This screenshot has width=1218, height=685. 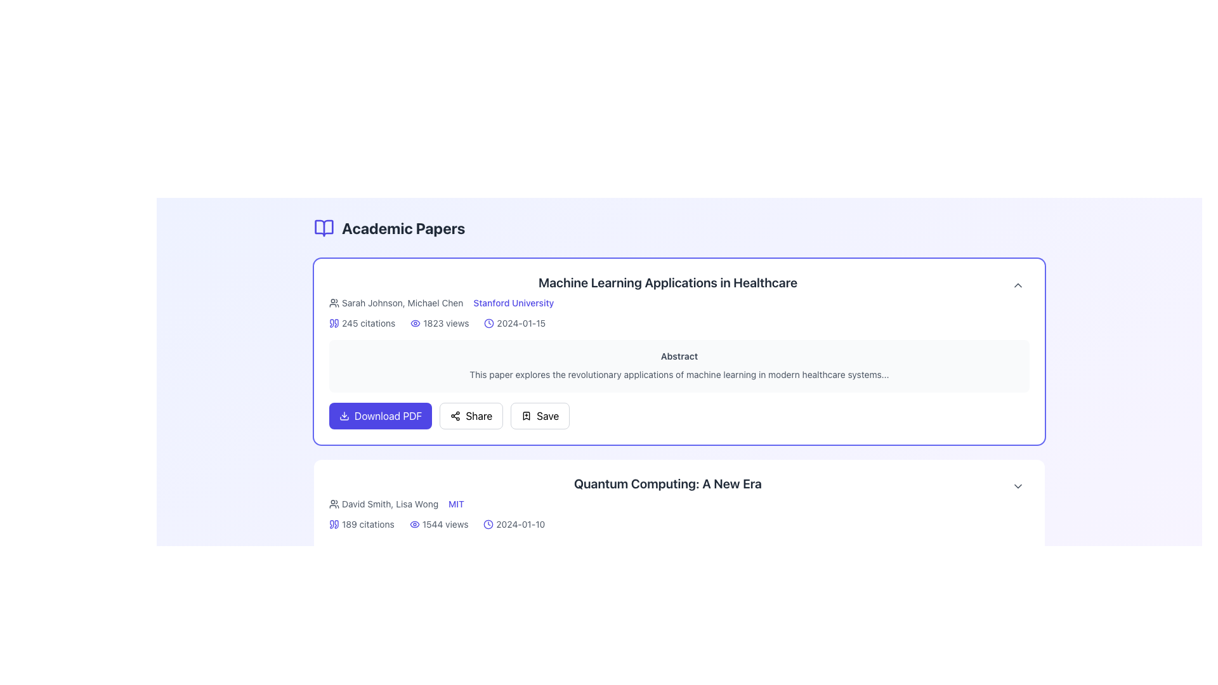 What do you see at coordinates (332, 524) in the screenshot?
I see `the first quotation mark icon associated with the article 'Quantum Computing: A New Era', located immediately before the text '189 citations'` at bounding box center [332, 524].